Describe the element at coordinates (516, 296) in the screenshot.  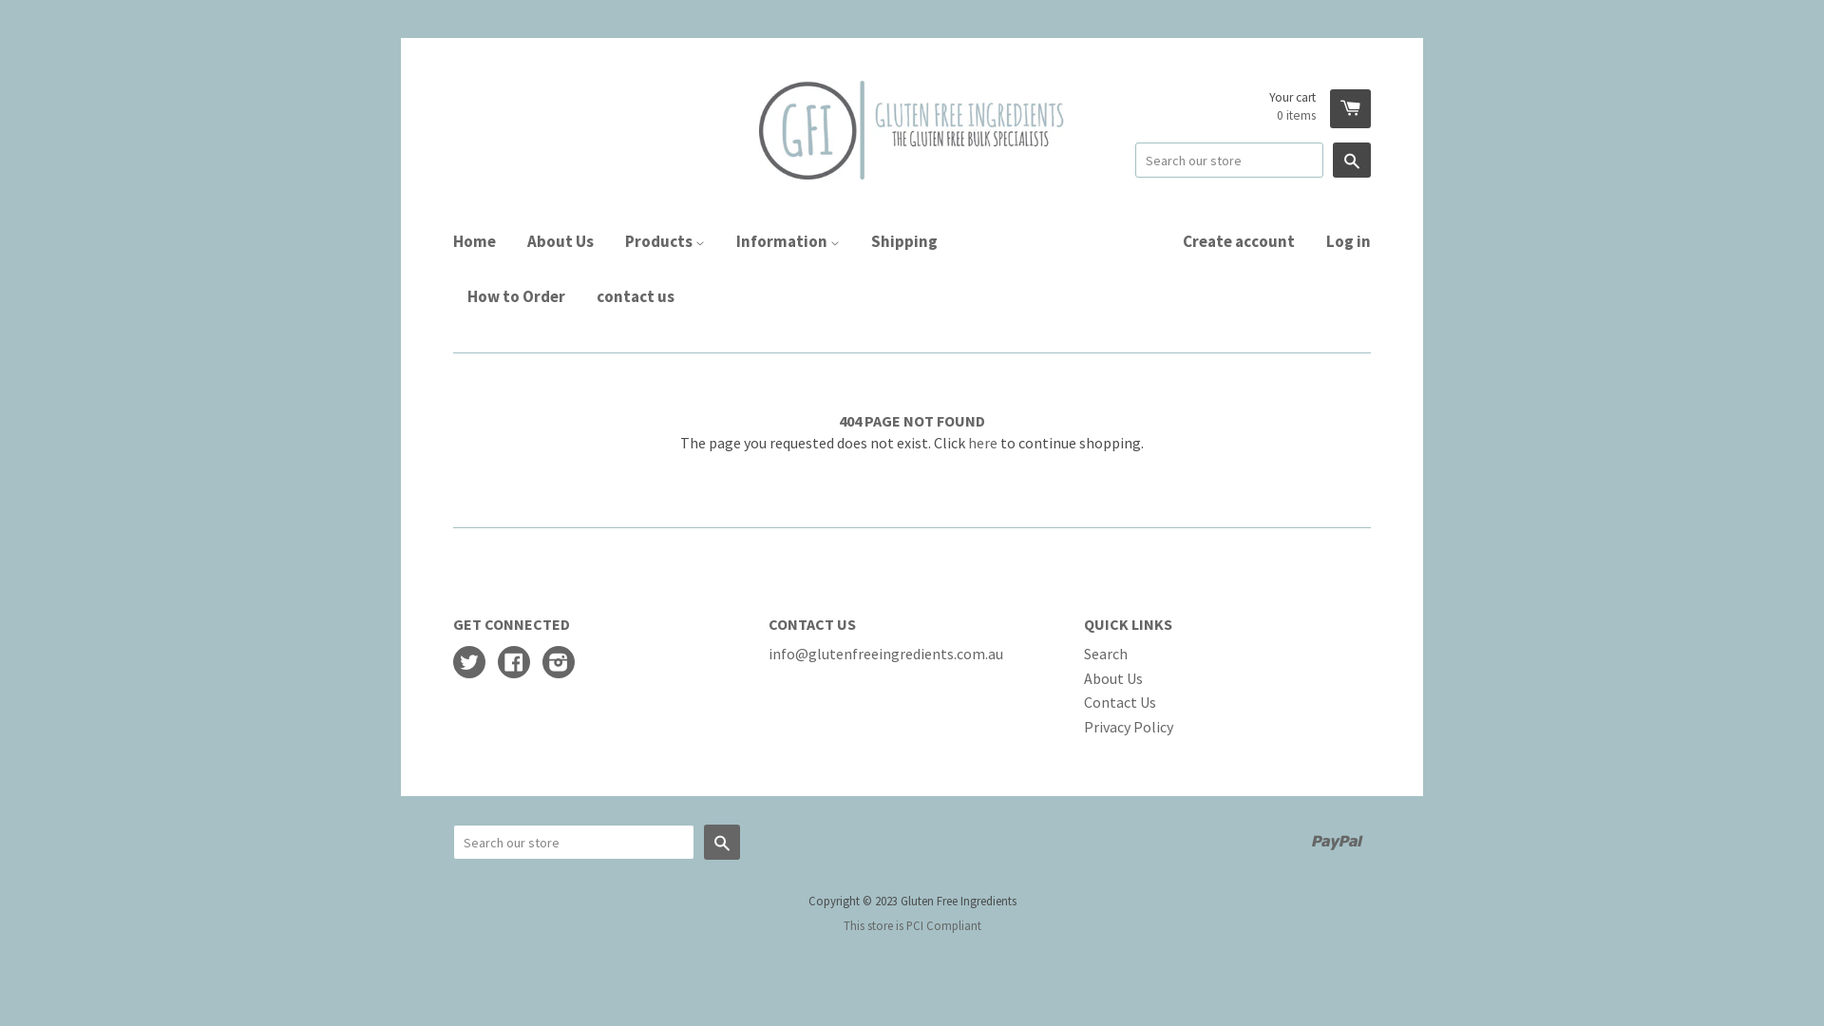
I see `'How to Order'` at that location.